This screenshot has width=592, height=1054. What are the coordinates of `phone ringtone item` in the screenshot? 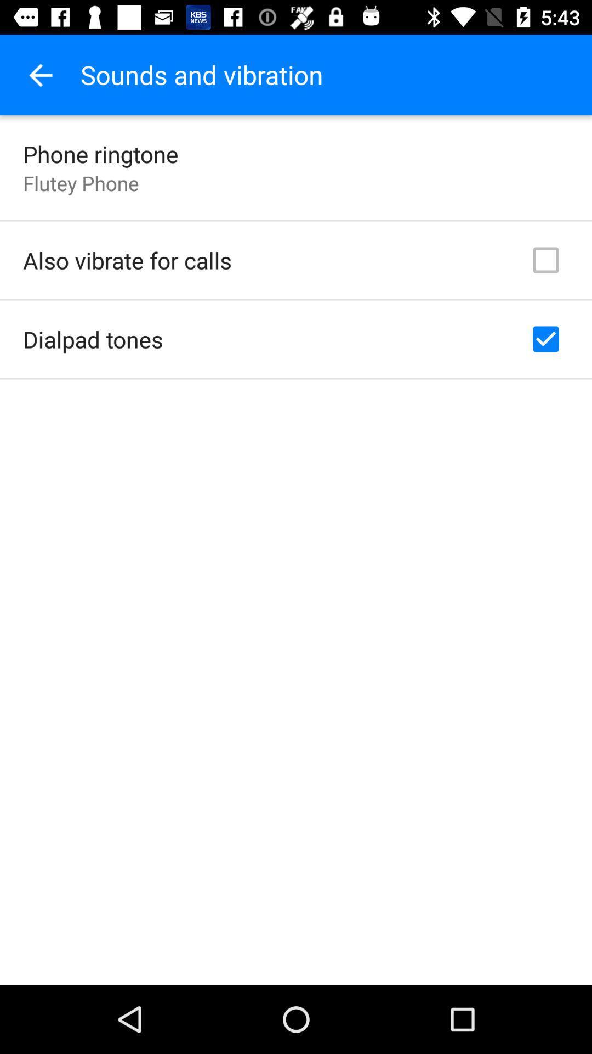 It's located at (100, 153).